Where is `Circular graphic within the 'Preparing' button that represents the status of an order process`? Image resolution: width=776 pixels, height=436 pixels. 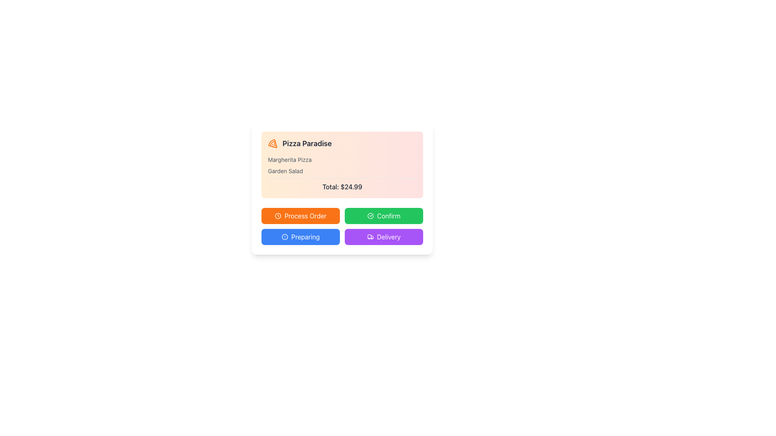 Circular graphic within the 'Preparing' button that represents the status of an order process is located at coordinates (285, 236).